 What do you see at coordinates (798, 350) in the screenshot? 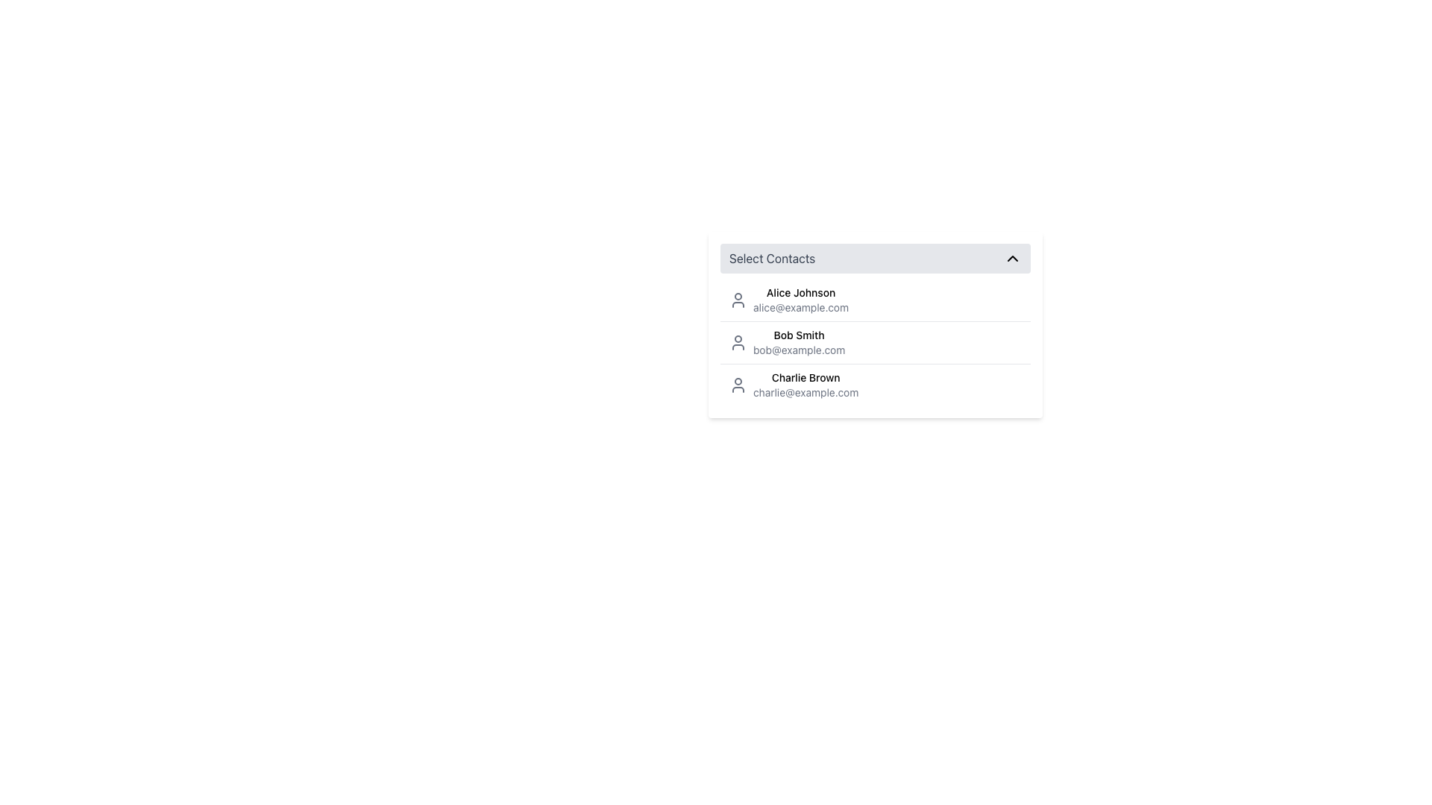
I see `text label displaying 'bob@example.com' located beneath 'Bob Smith' in the contact section of the 'Select Contacts' dropdown interface` at bounding box center [798, 350].